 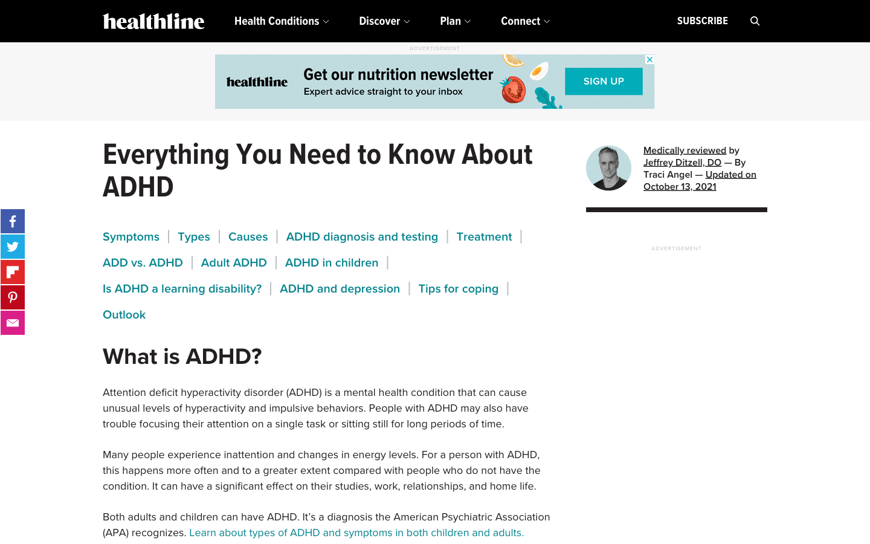 I want to click on Determine whether ADHD is classified as a learning disability, so click(x=182, y=288).